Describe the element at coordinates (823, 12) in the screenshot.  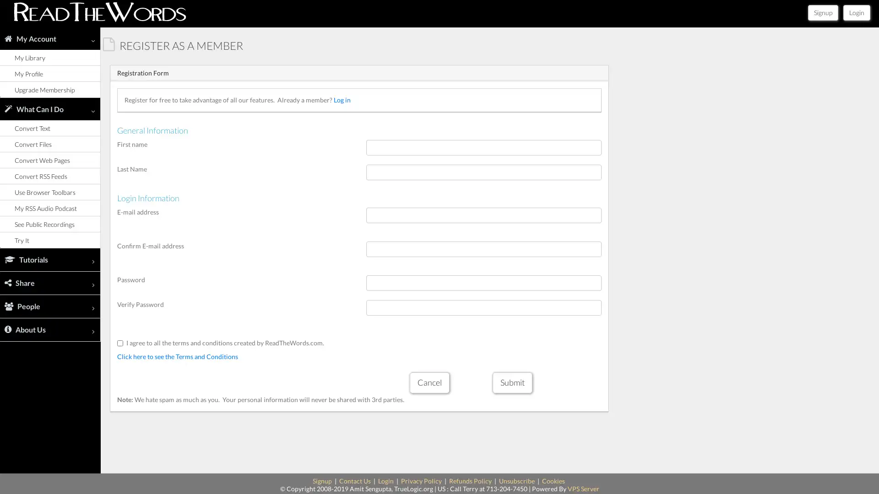
I see `Signup` at that location.